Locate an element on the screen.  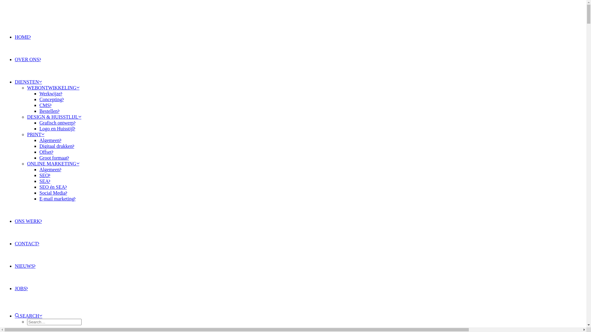
'Werkwijze' is located at coordinates (39, 93).